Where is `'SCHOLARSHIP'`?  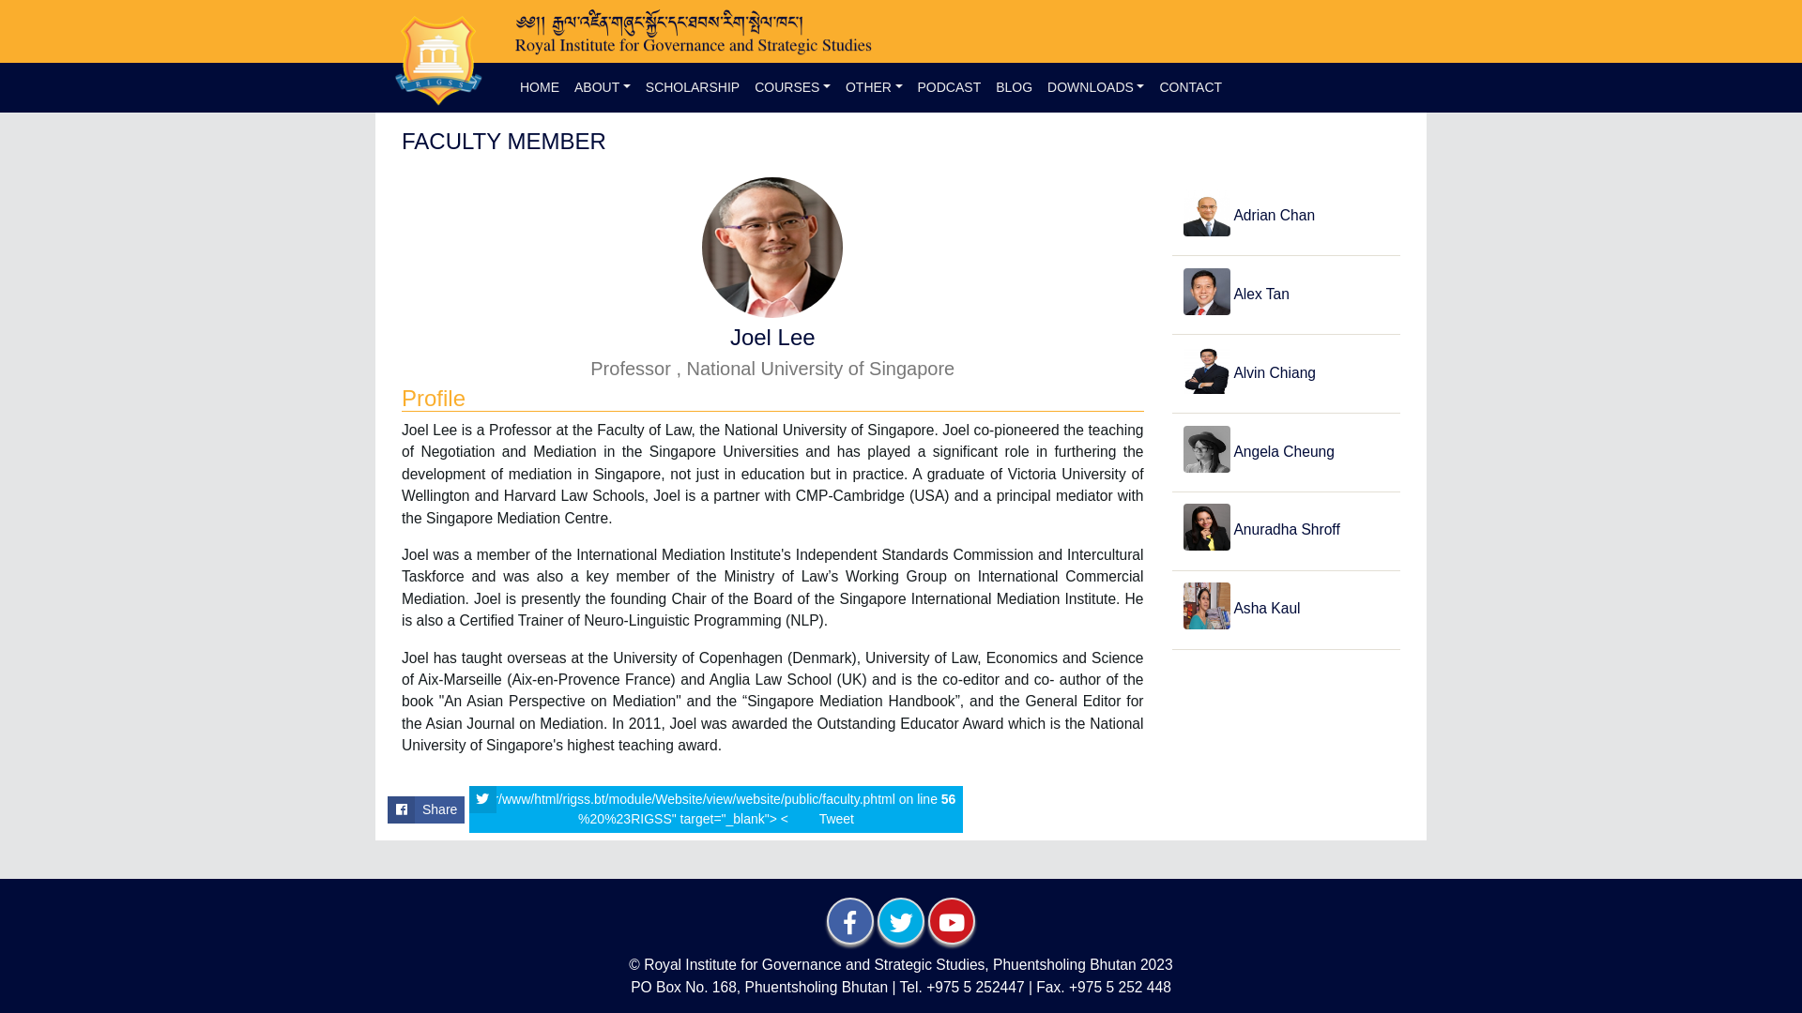 'SCHOLARSHIP' is located at coordinates (638, 87).